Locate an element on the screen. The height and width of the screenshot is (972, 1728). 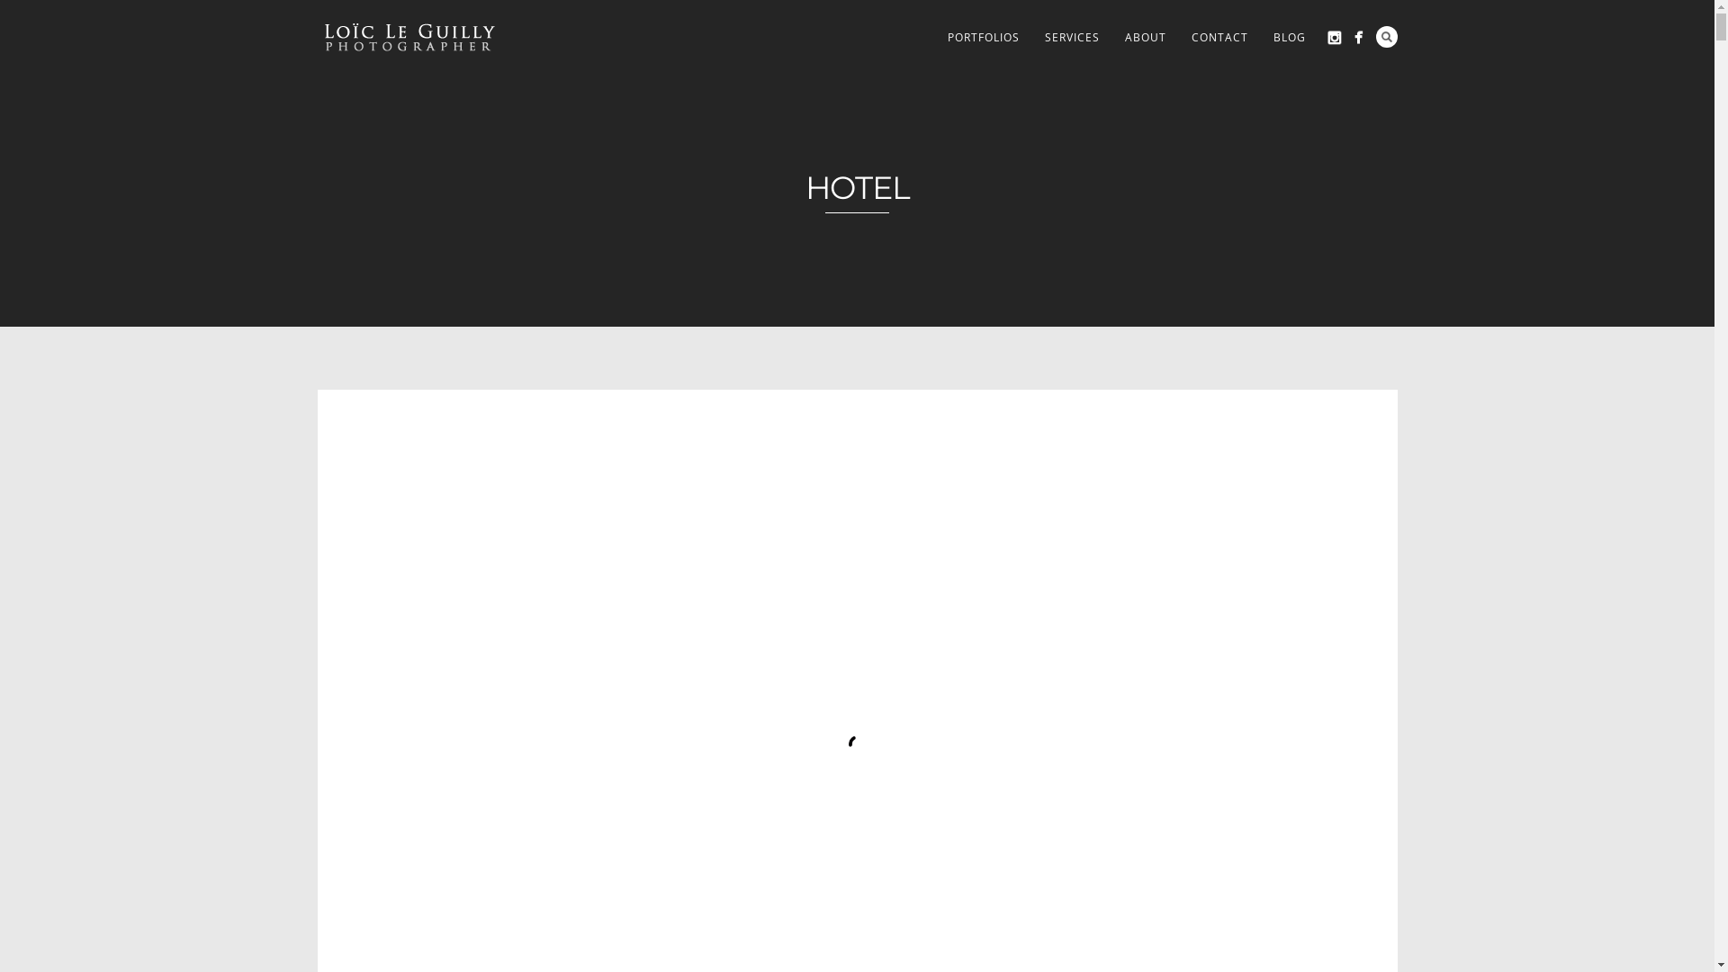
'Connect on Instagram' is located at coordinates (1334, 37).